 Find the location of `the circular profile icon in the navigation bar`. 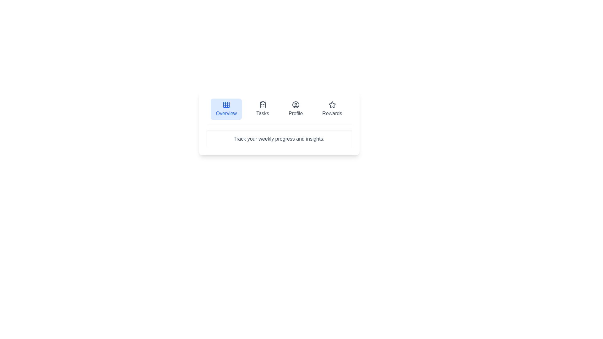

the circular profile icon in the navigation bar is located at coordinates (295, 105).